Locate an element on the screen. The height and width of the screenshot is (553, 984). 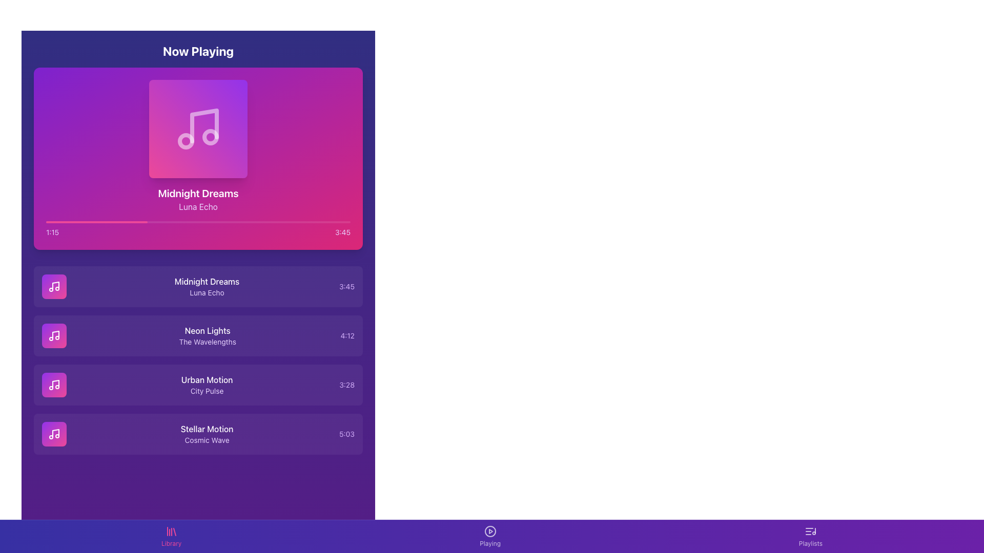
text 'City Pulse' located underneath the 'Urban Motion' heading in the third music track entry is located at coordinates (207, 391).